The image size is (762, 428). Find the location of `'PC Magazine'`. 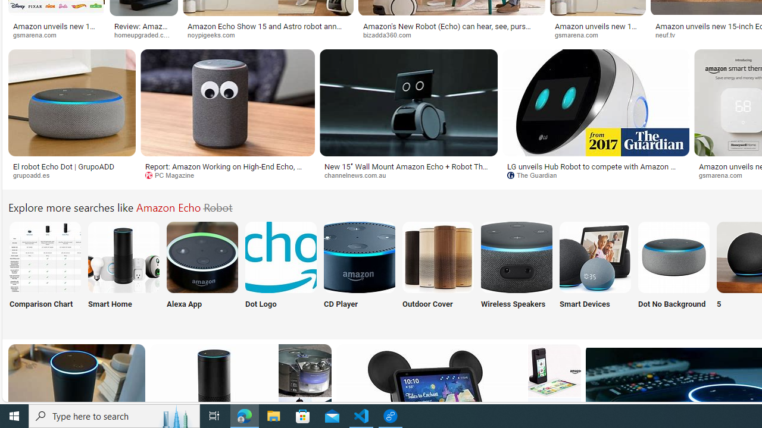

'PC Magazine' is located at coordinates (173, 175).